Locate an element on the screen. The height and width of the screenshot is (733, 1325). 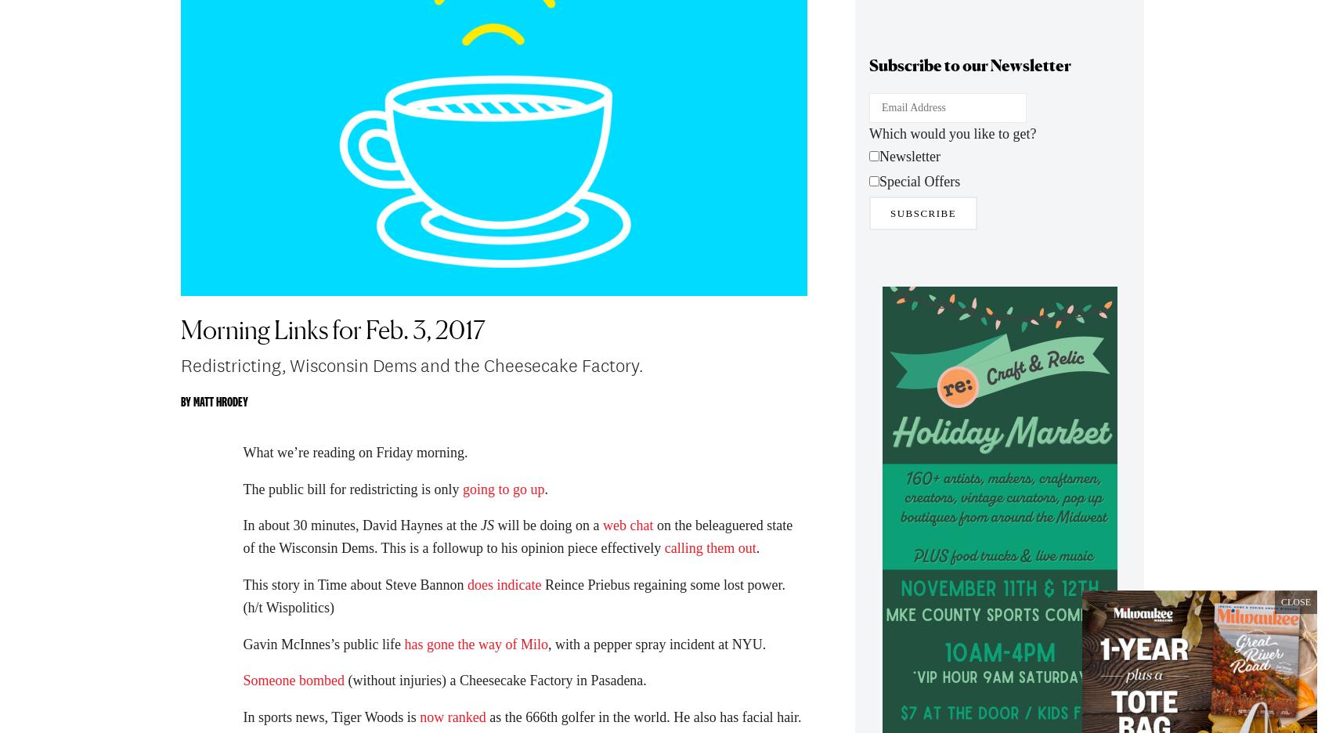
'will be doing on a' is located at coordinates (547, 533).